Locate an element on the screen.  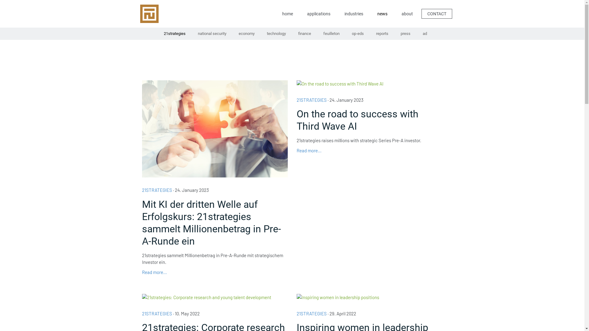
'industries' is located at coordinates (353, 14).